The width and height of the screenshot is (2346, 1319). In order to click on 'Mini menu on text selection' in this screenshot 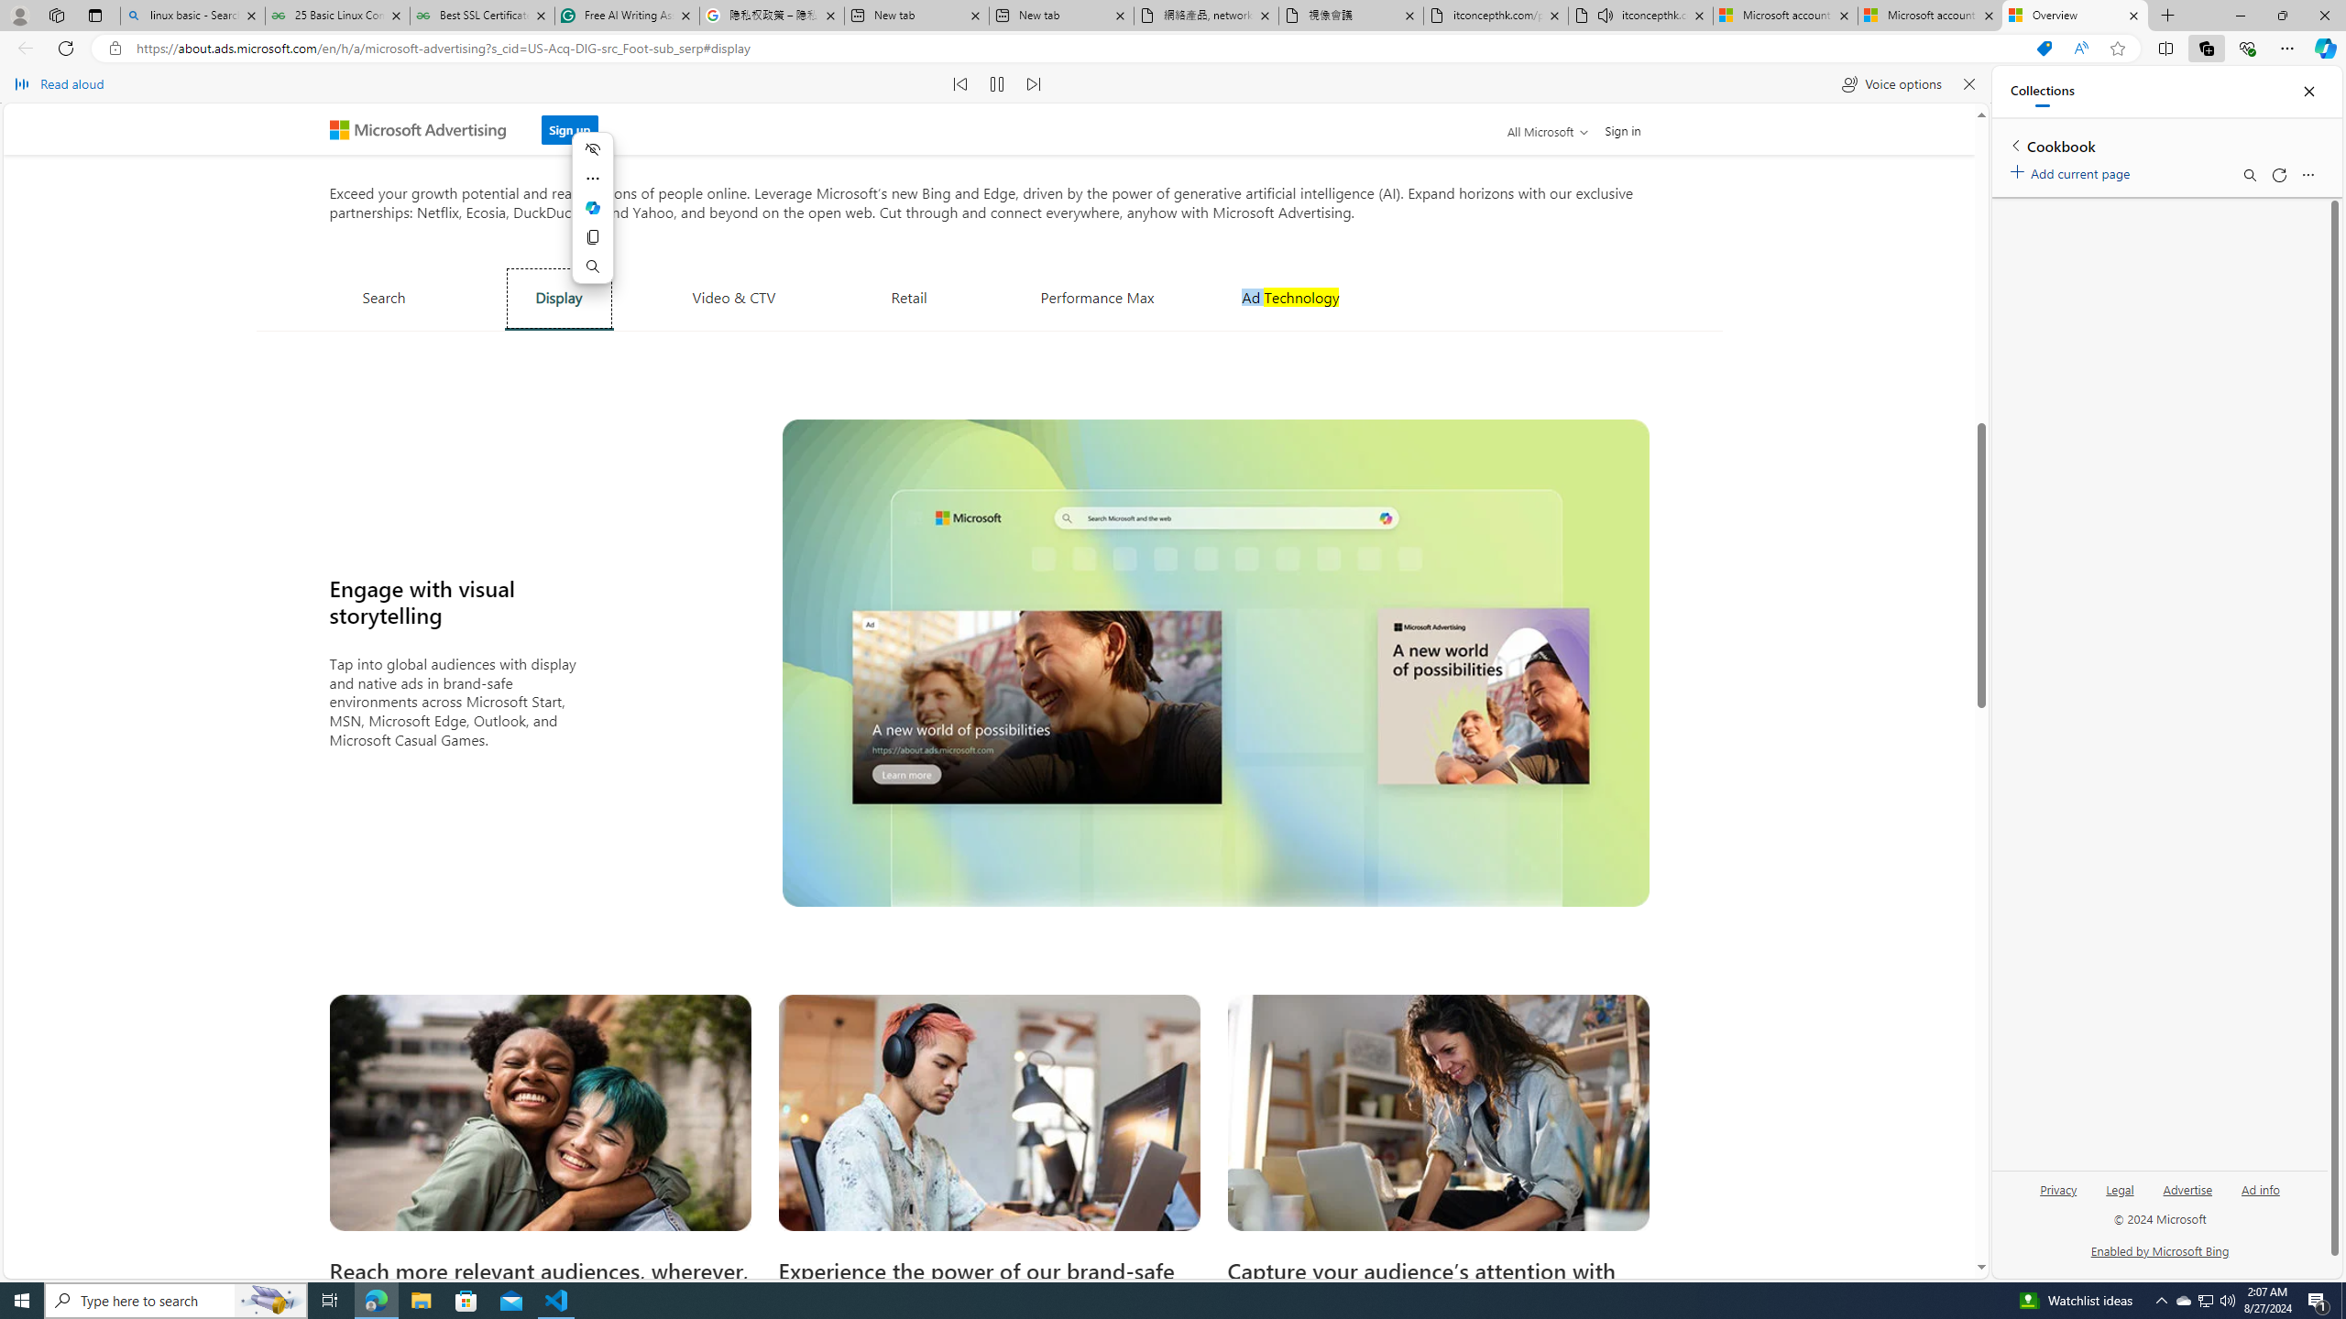, I will do `click(591, 207)`.